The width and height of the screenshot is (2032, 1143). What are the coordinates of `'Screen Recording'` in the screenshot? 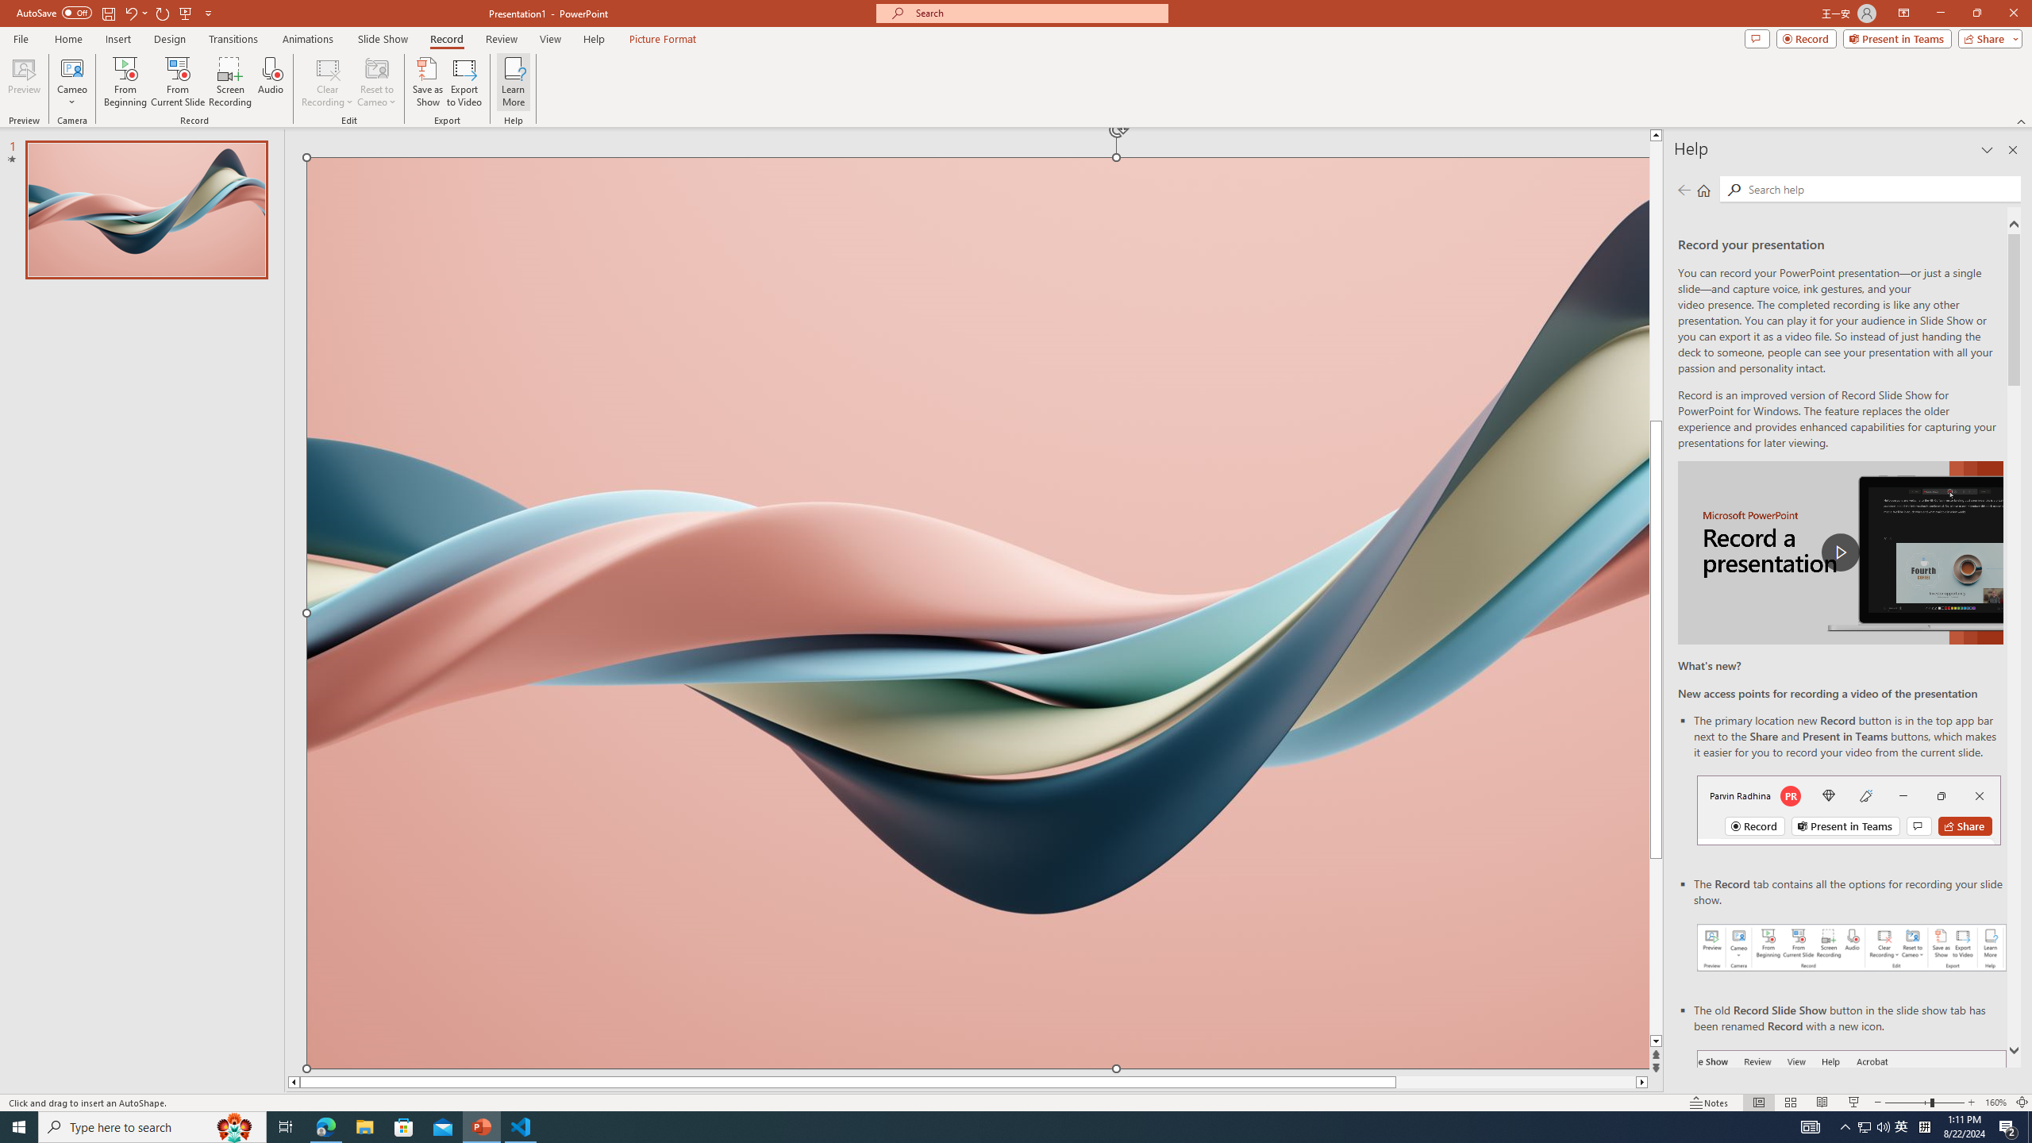 It's located at (229, 82).